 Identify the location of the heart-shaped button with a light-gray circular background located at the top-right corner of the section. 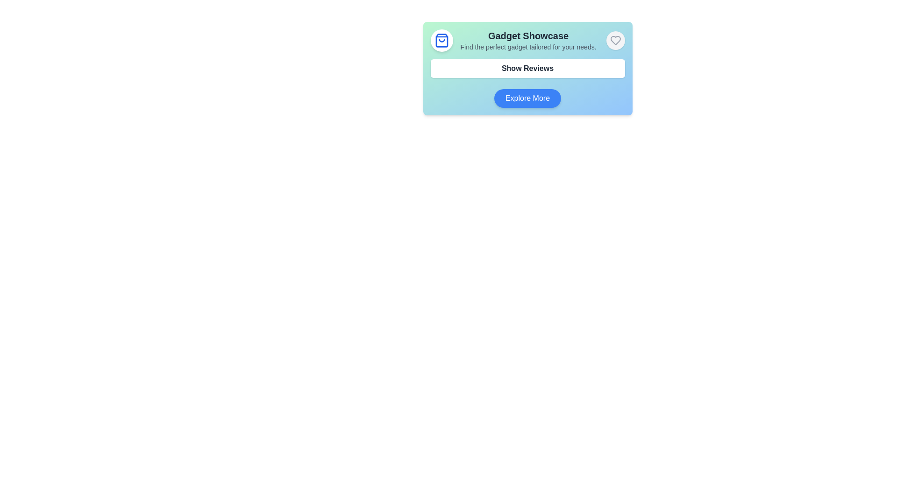
(615, 40).